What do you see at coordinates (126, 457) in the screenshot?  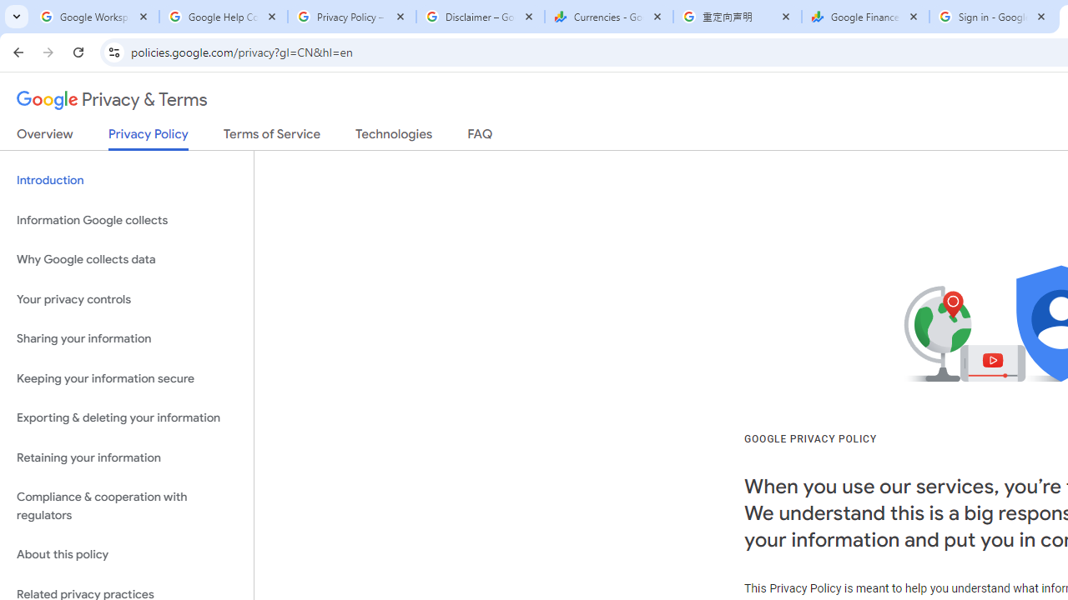 I see `'Retaining your information'` at bounding box center [126, 457].